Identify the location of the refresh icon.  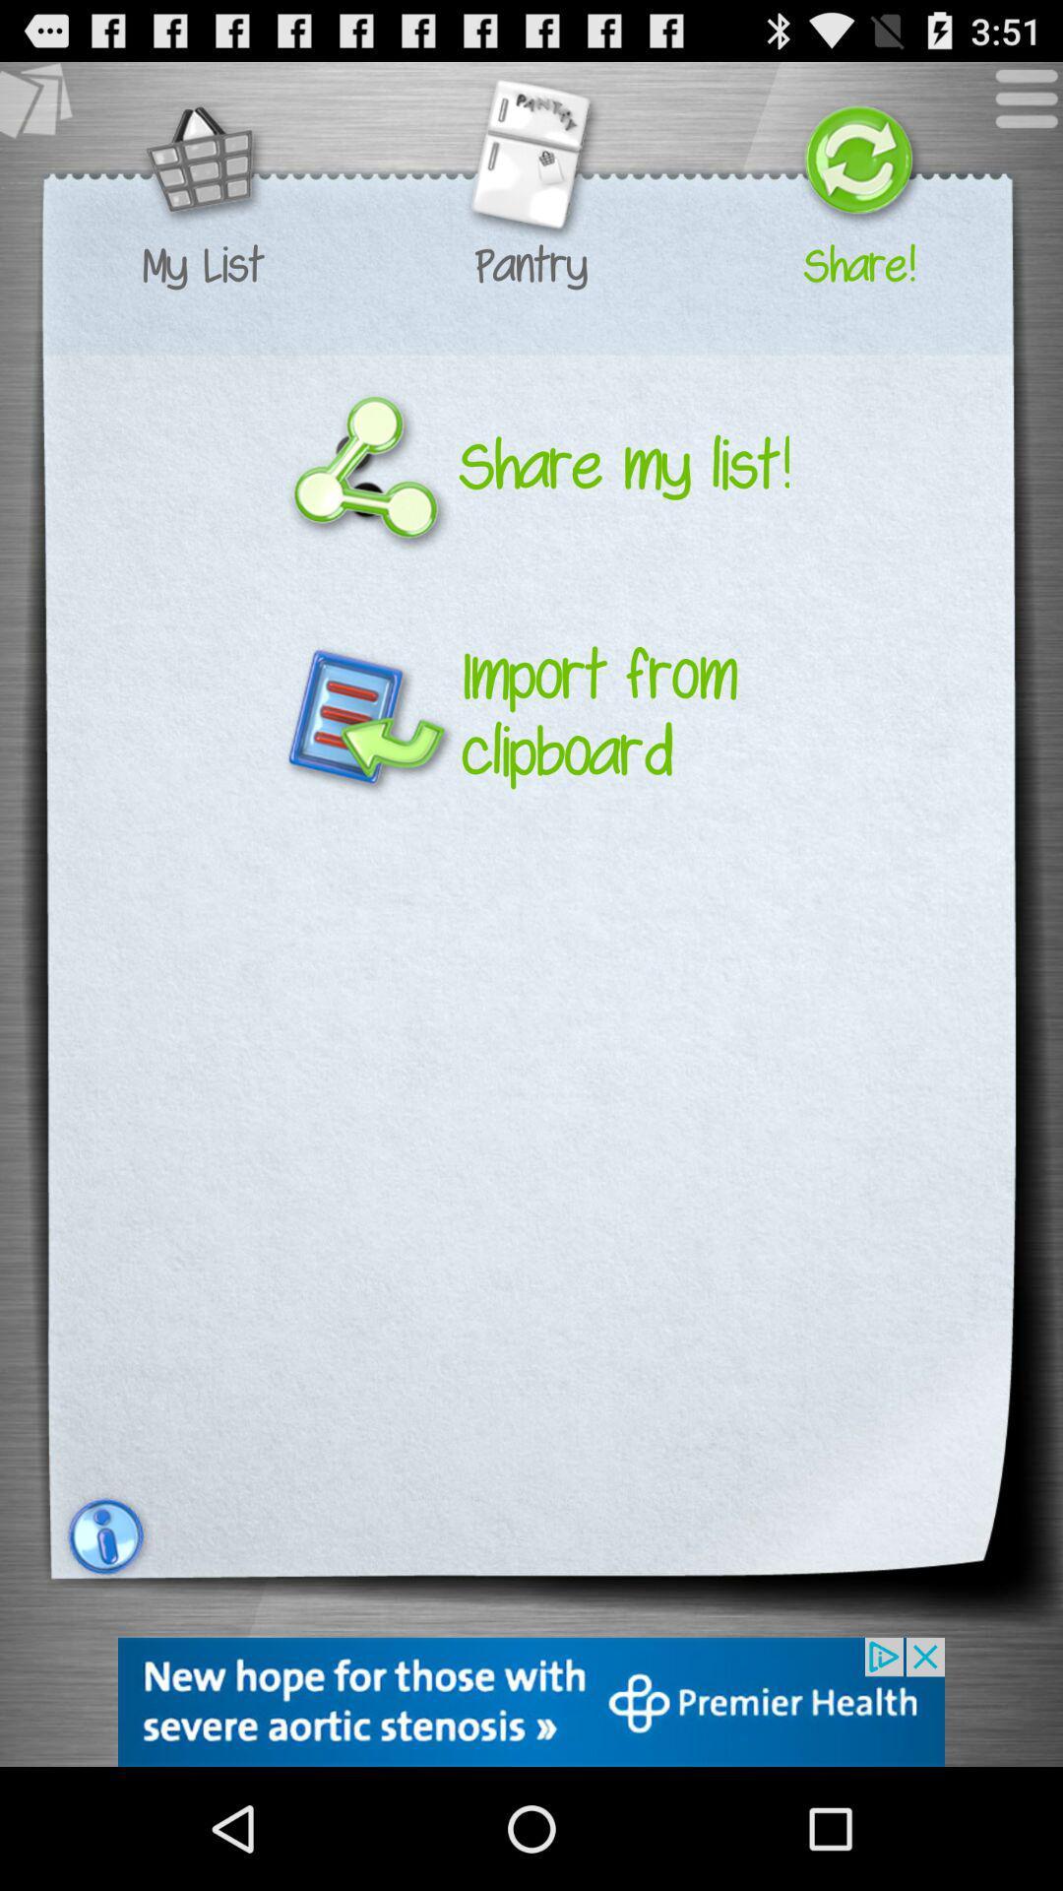
(857, 174).